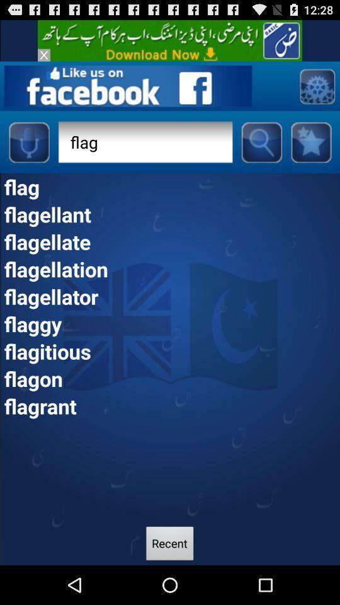  What do you see at coordinates (316, 91) in the screenshot?
I see `the settings icon` at bounding box center [316, 91].